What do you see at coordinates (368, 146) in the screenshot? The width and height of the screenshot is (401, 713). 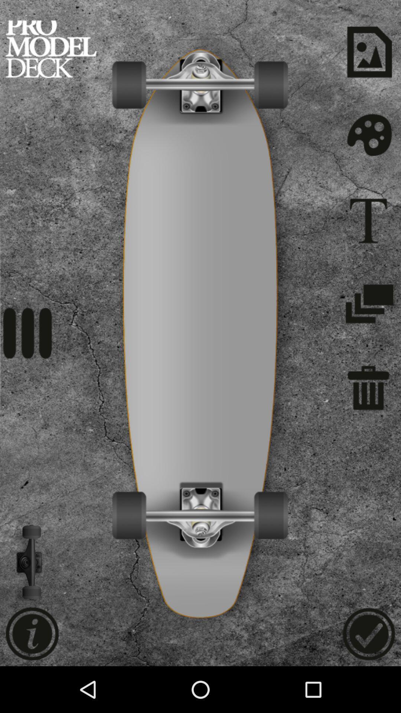 I see `the settings icon` at bounding box center [368, 146].